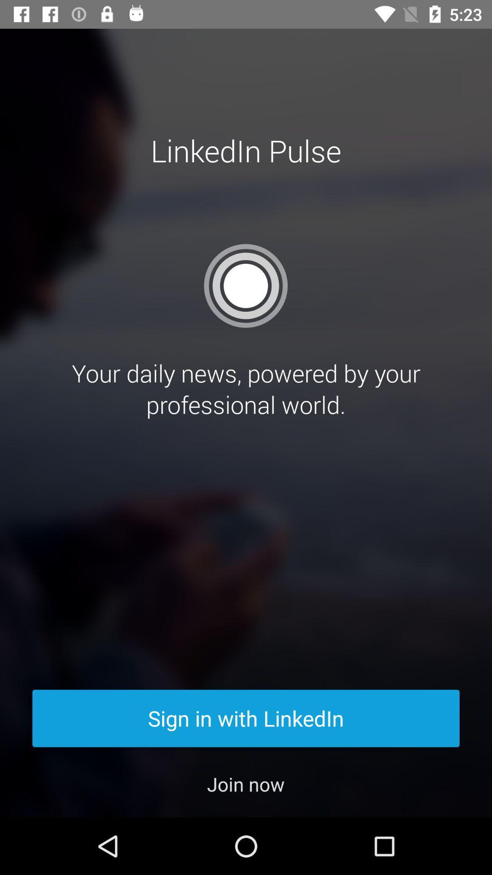  What do you see at coordinates (246, 718) in the screenshot?
I see `the sign in with` at bounding box center [246, 718].